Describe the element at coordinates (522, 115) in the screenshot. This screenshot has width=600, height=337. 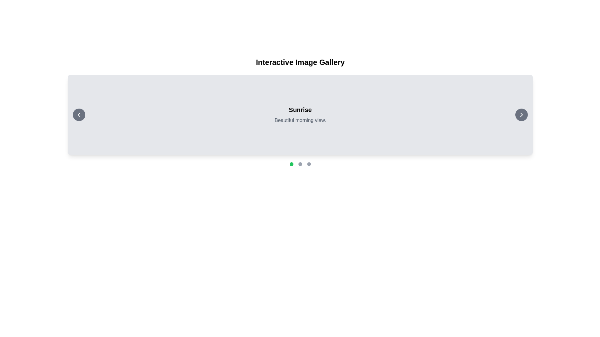
I see `the navigation button located at the far right of the card titled 'Sunrise'` at that location.